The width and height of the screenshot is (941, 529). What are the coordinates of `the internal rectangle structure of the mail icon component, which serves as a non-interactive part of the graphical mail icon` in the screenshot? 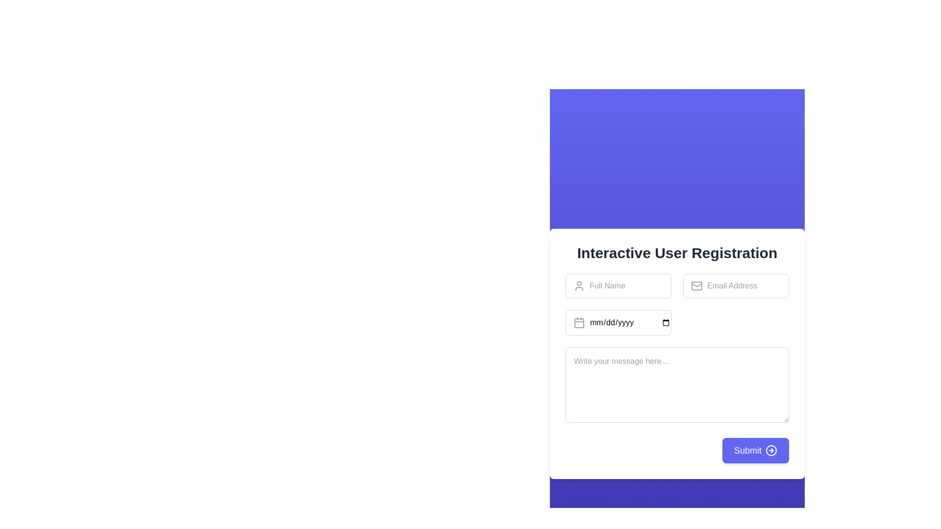 It's located at (696, 286).